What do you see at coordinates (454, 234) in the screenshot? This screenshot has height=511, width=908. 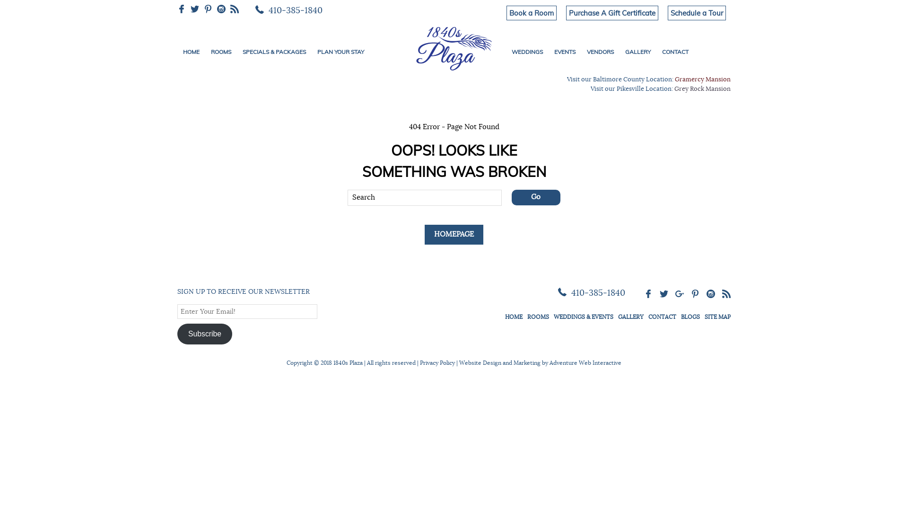 I see `'HOMEPAGE'` at bounding box center [454, 234].